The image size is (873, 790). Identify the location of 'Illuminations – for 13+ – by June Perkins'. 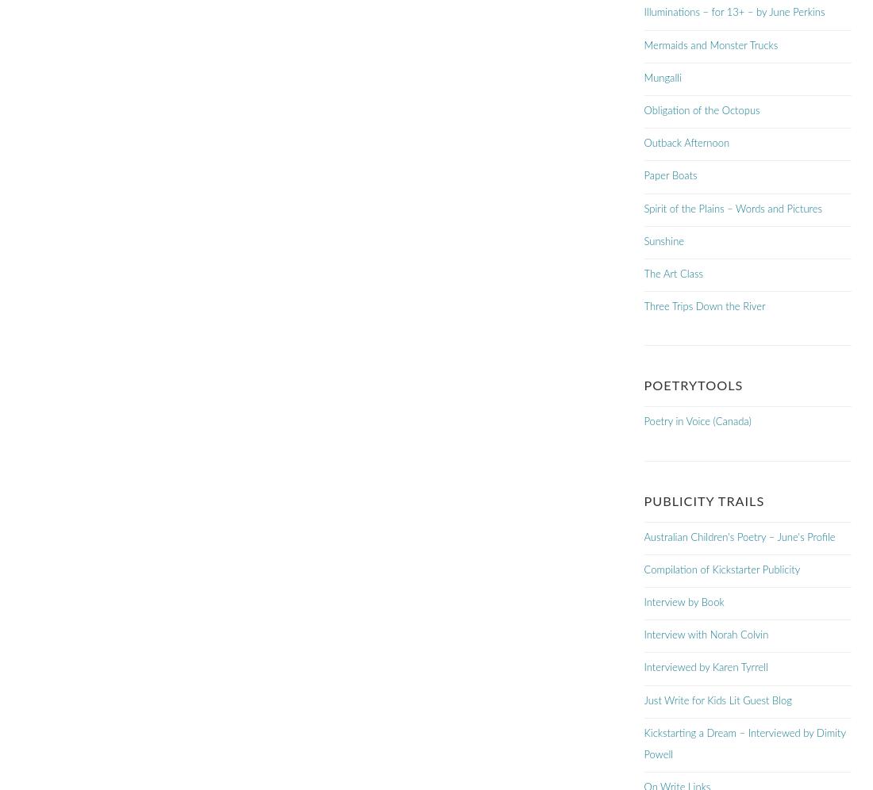
(733, 13).